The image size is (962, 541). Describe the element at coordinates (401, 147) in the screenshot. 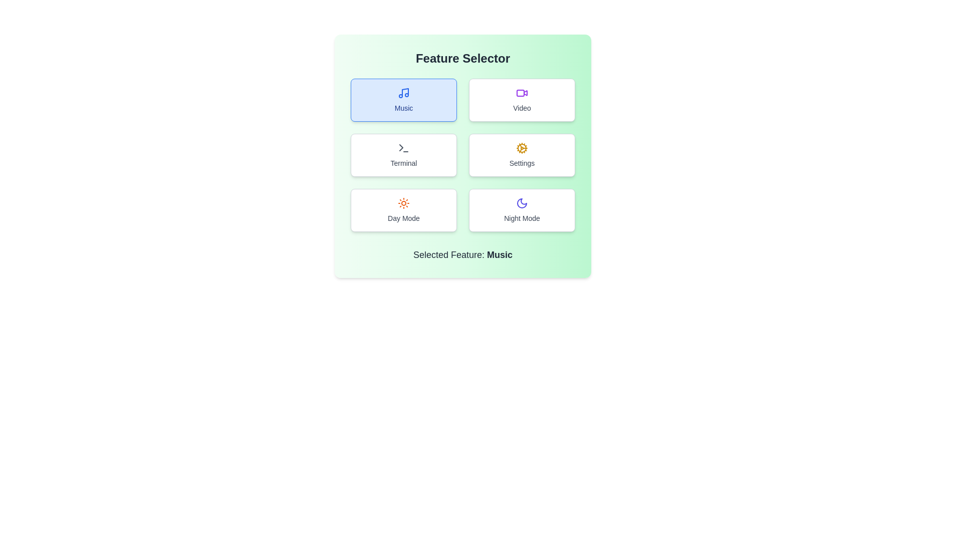

I see `the 'Terminal' button which contains the right-pointing arrow SVG polygon shape` at that location.